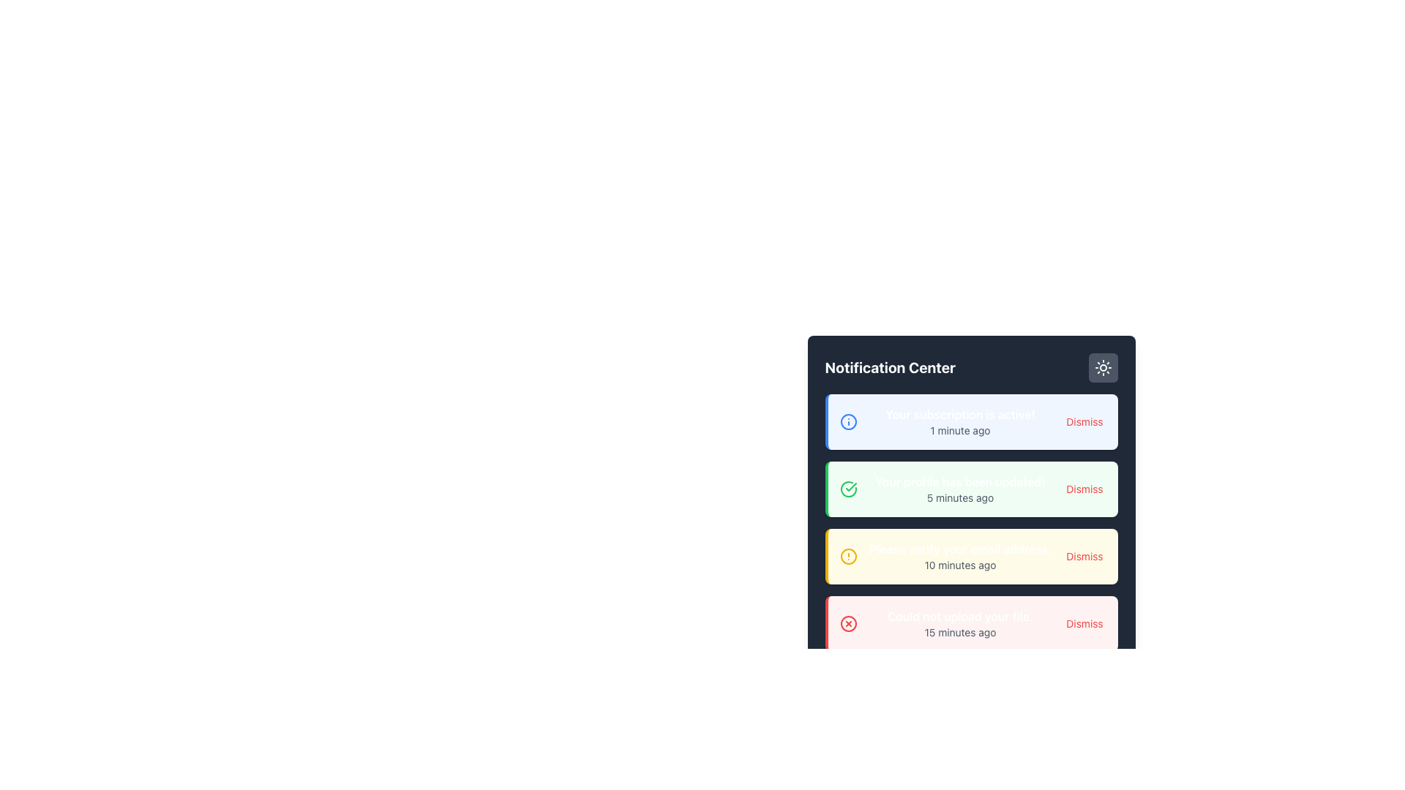 This screenshot has height=790, width=1405. What do you see at coordinates (1103, 366) in the screenshot?
I see `the toggle button located in the upper-right corner of the 'Notification Center' to switch between light and dark modes` at bounding box center [1103, 366].